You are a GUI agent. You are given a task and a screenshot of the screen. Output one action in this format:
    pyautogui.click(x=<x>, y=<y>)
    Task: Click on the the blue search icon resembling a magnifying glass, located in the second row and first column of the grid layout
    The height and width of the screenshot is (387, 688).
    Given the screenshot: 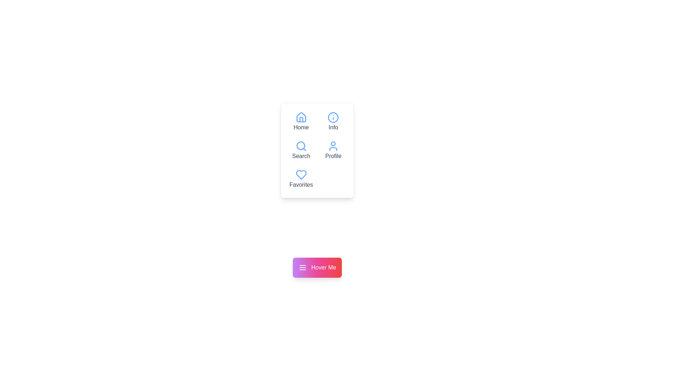 What is the action you would take?
    pyautogui.click(x=301, y=146)
    